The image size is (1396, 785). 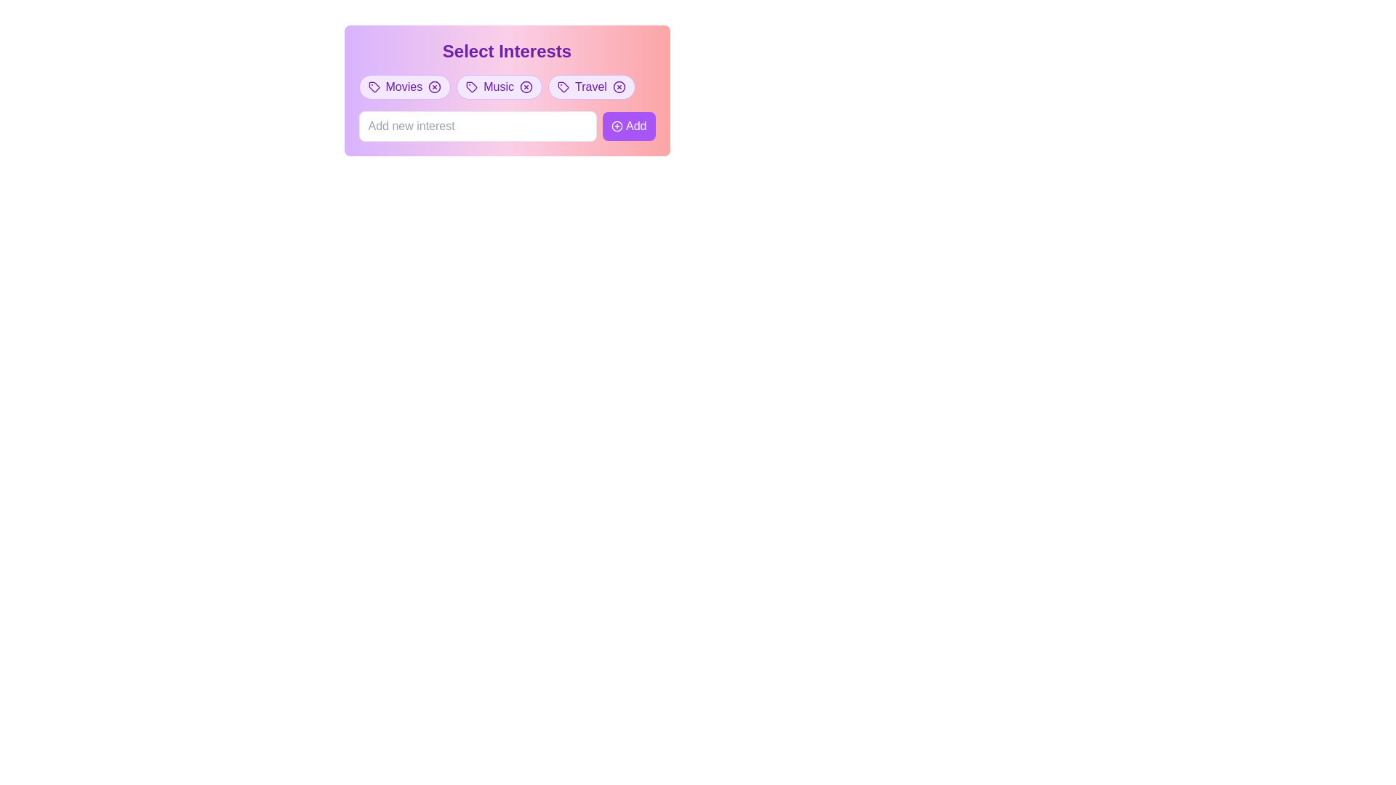 I want to click on the delete button for removing the 'Music' tag located immediately to the right of the 'Music' text in the 'Select Interests' section, so click(x=526, y=86).